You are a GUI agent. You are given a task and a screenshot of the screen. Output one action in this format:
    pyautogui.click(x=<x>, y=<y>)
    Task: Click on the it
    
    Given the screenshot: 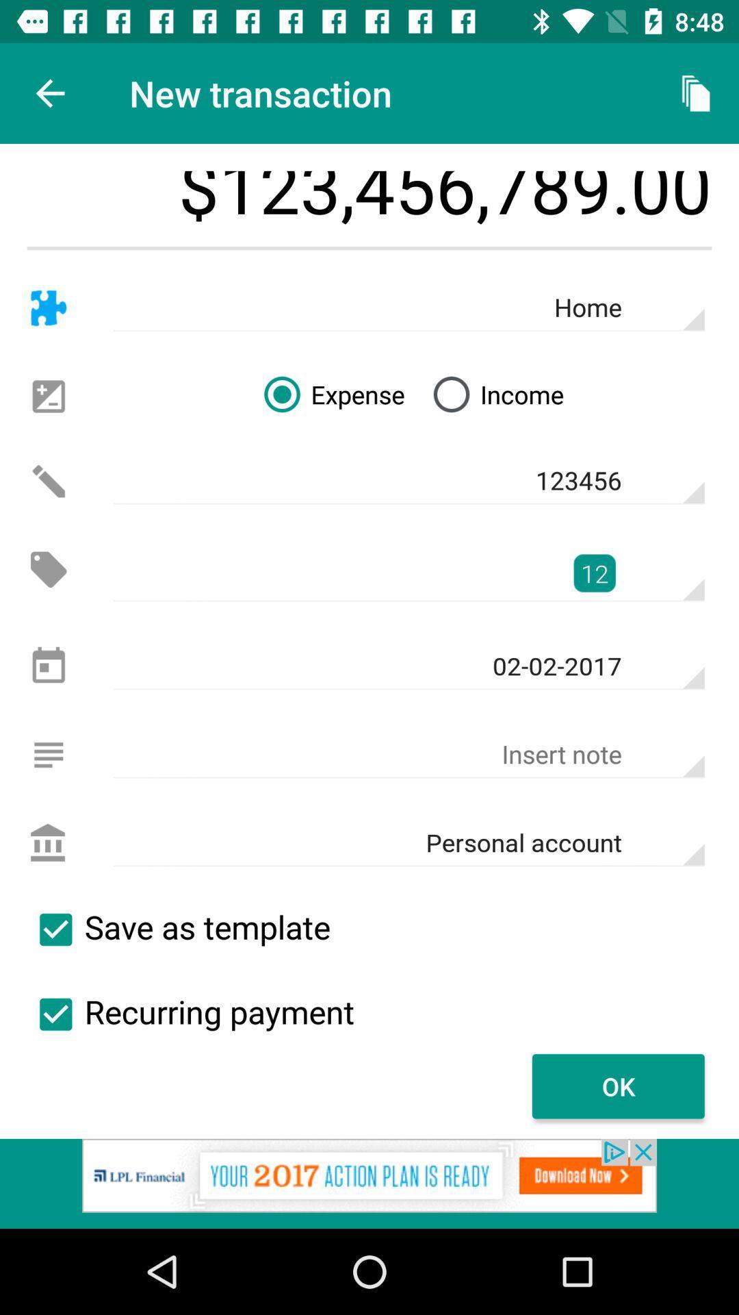 What is the action you would take?
    pyautogui.click(x=55, y=929)
    